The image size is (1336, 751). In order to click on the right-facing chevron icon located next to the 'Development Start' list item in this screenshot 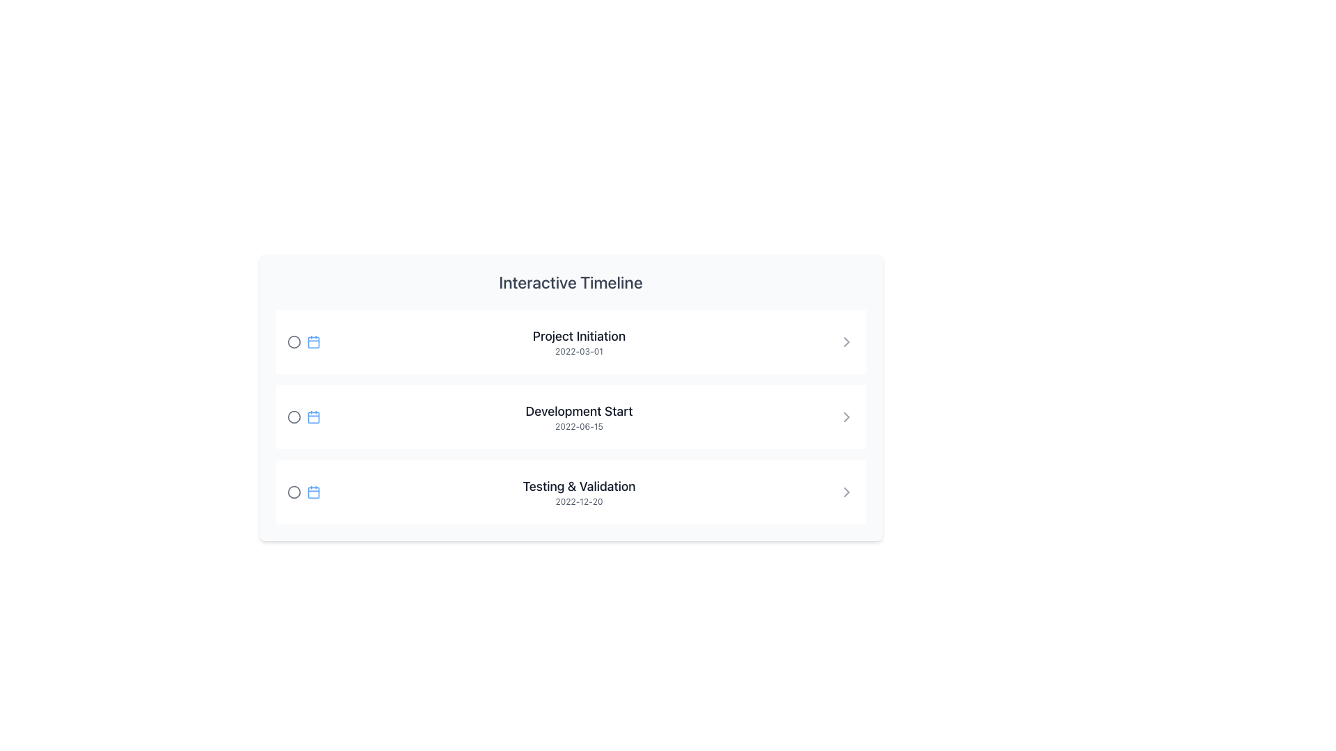, I will do `click(845, 417)`.